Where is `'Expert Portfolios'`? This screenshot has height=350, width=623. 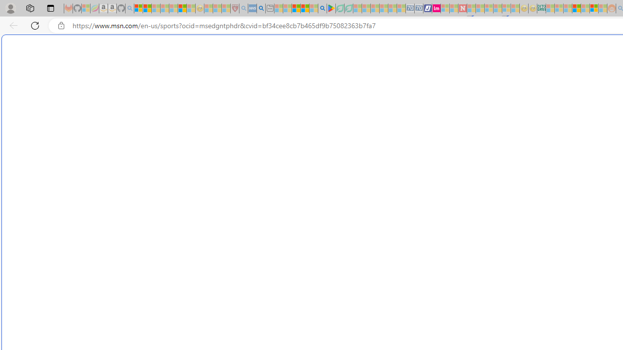 'Expert Portfolios' is located at coordinates (576, 8).